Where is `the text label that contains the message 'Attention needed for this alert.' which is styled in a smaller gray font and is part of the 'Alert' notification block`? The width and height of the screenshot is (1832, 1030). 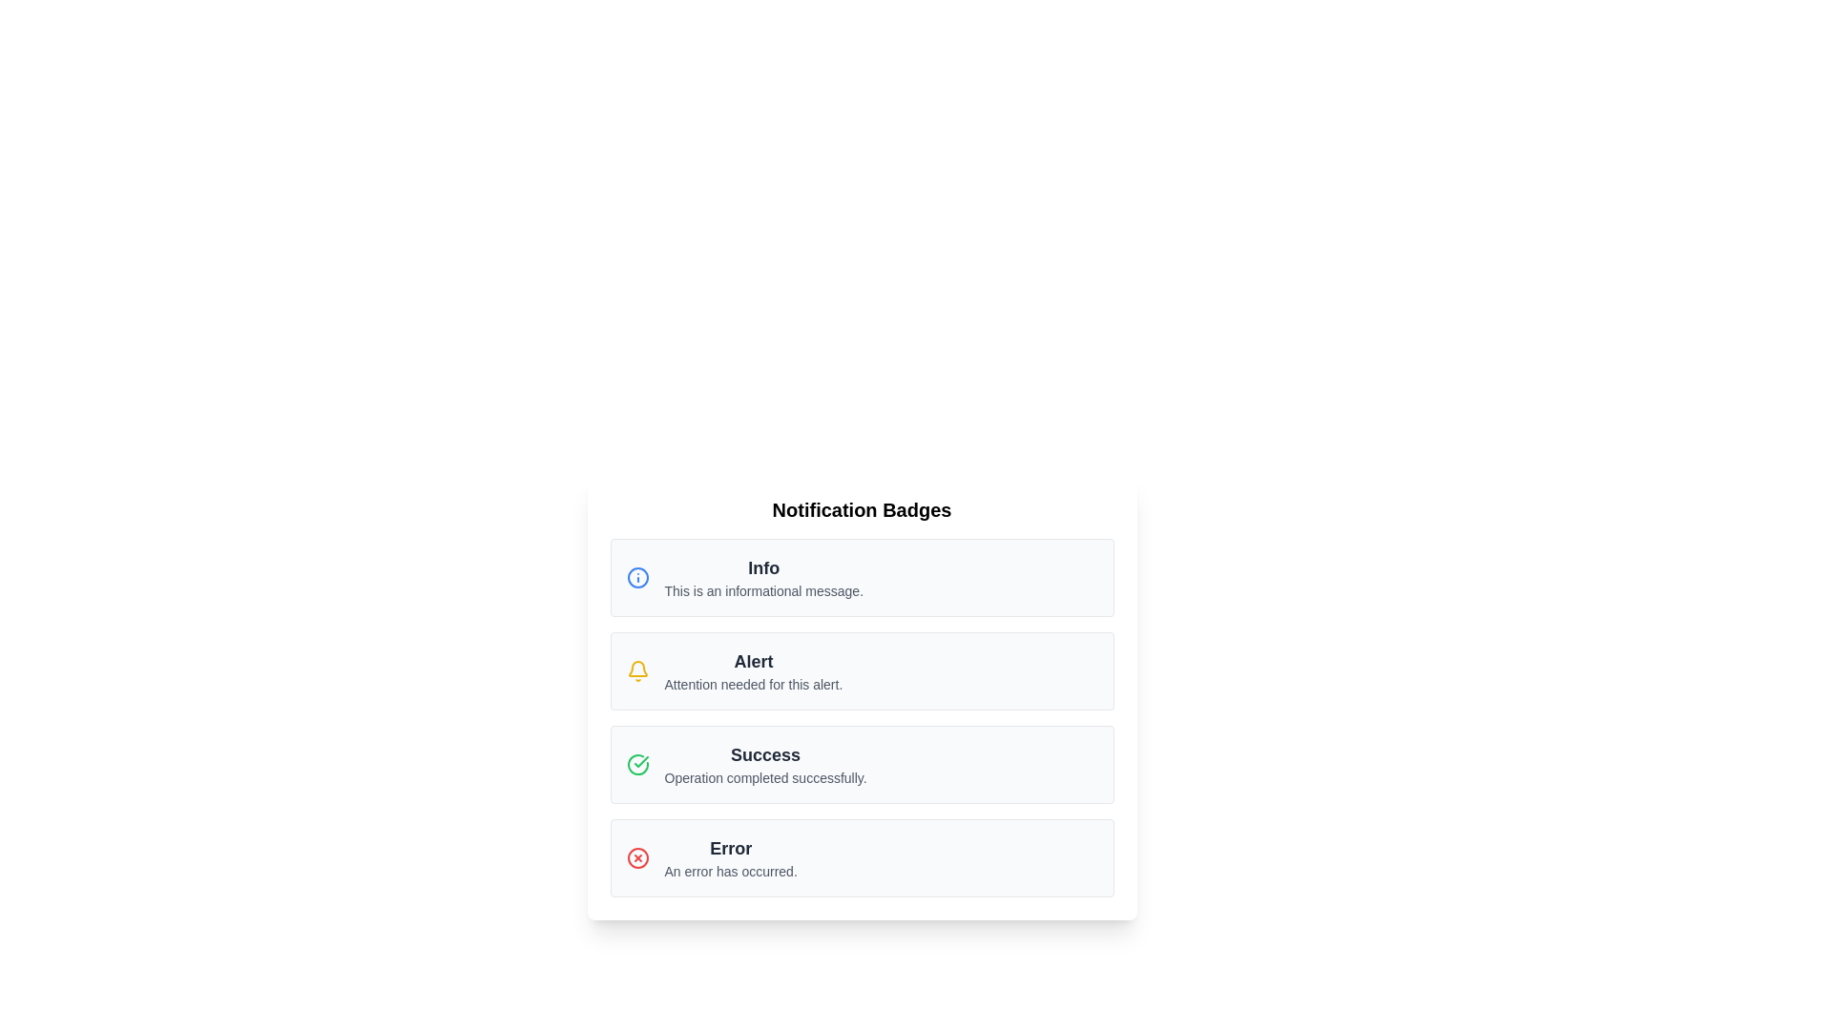 the text label that contains the message 'Attention needed for this alert.' which is styled in a smaller gray font and is part of the 'Alert' notification block is located at coordinates (752, 683).